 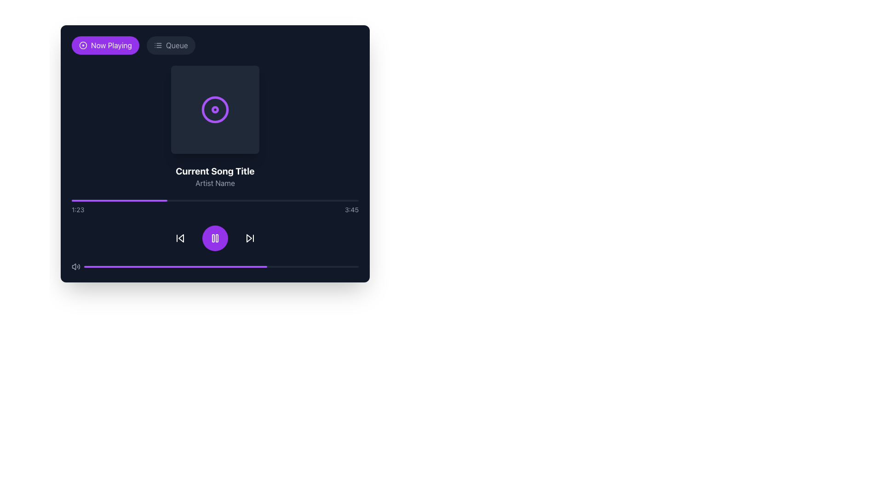 What do you see at coordinates (214, 109) in the screenshot?
I see `the innermost circle of the circular disk-shaped component in the graphical player interface` at bounding box center [214, 109].